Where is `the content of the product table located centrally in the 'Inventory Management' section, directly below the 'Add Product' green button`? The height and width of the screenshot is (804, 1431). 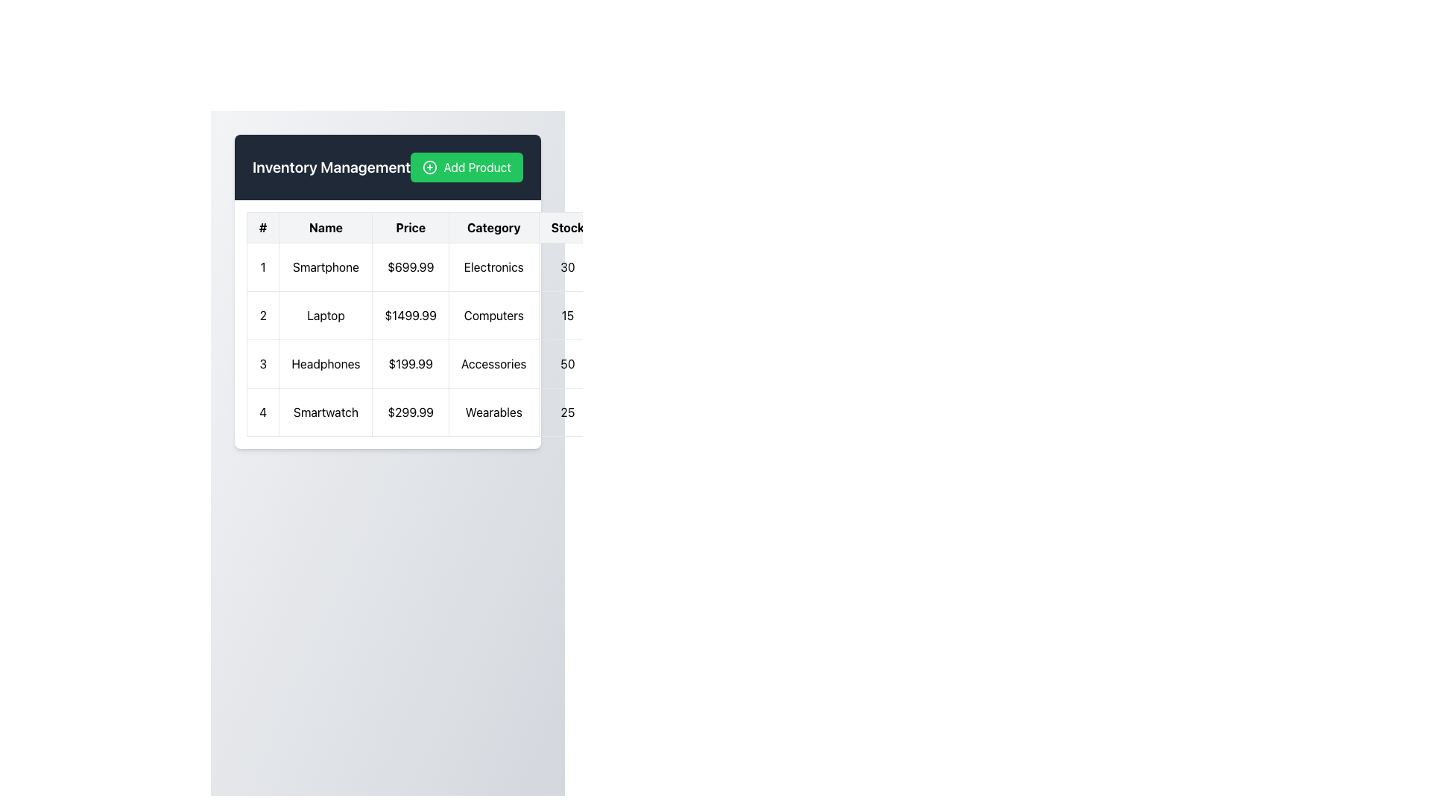
the content of the product table located centrally in the 'Inventory Management' section, directly below the 'Add Product' green button is located at coordinates (388, 323).